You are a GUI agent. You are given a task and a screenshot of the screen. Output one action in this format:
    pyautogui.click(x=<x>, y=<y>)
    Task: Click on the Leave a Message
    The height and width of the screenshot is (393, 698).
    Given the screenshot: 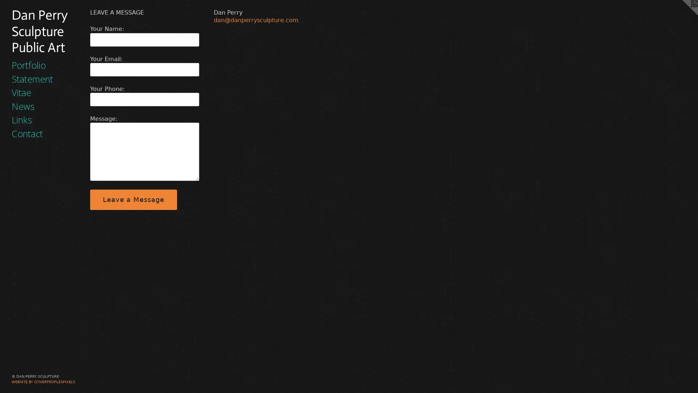 What is the action you would take?
    pyautogui.click(x=133, y=199)
    